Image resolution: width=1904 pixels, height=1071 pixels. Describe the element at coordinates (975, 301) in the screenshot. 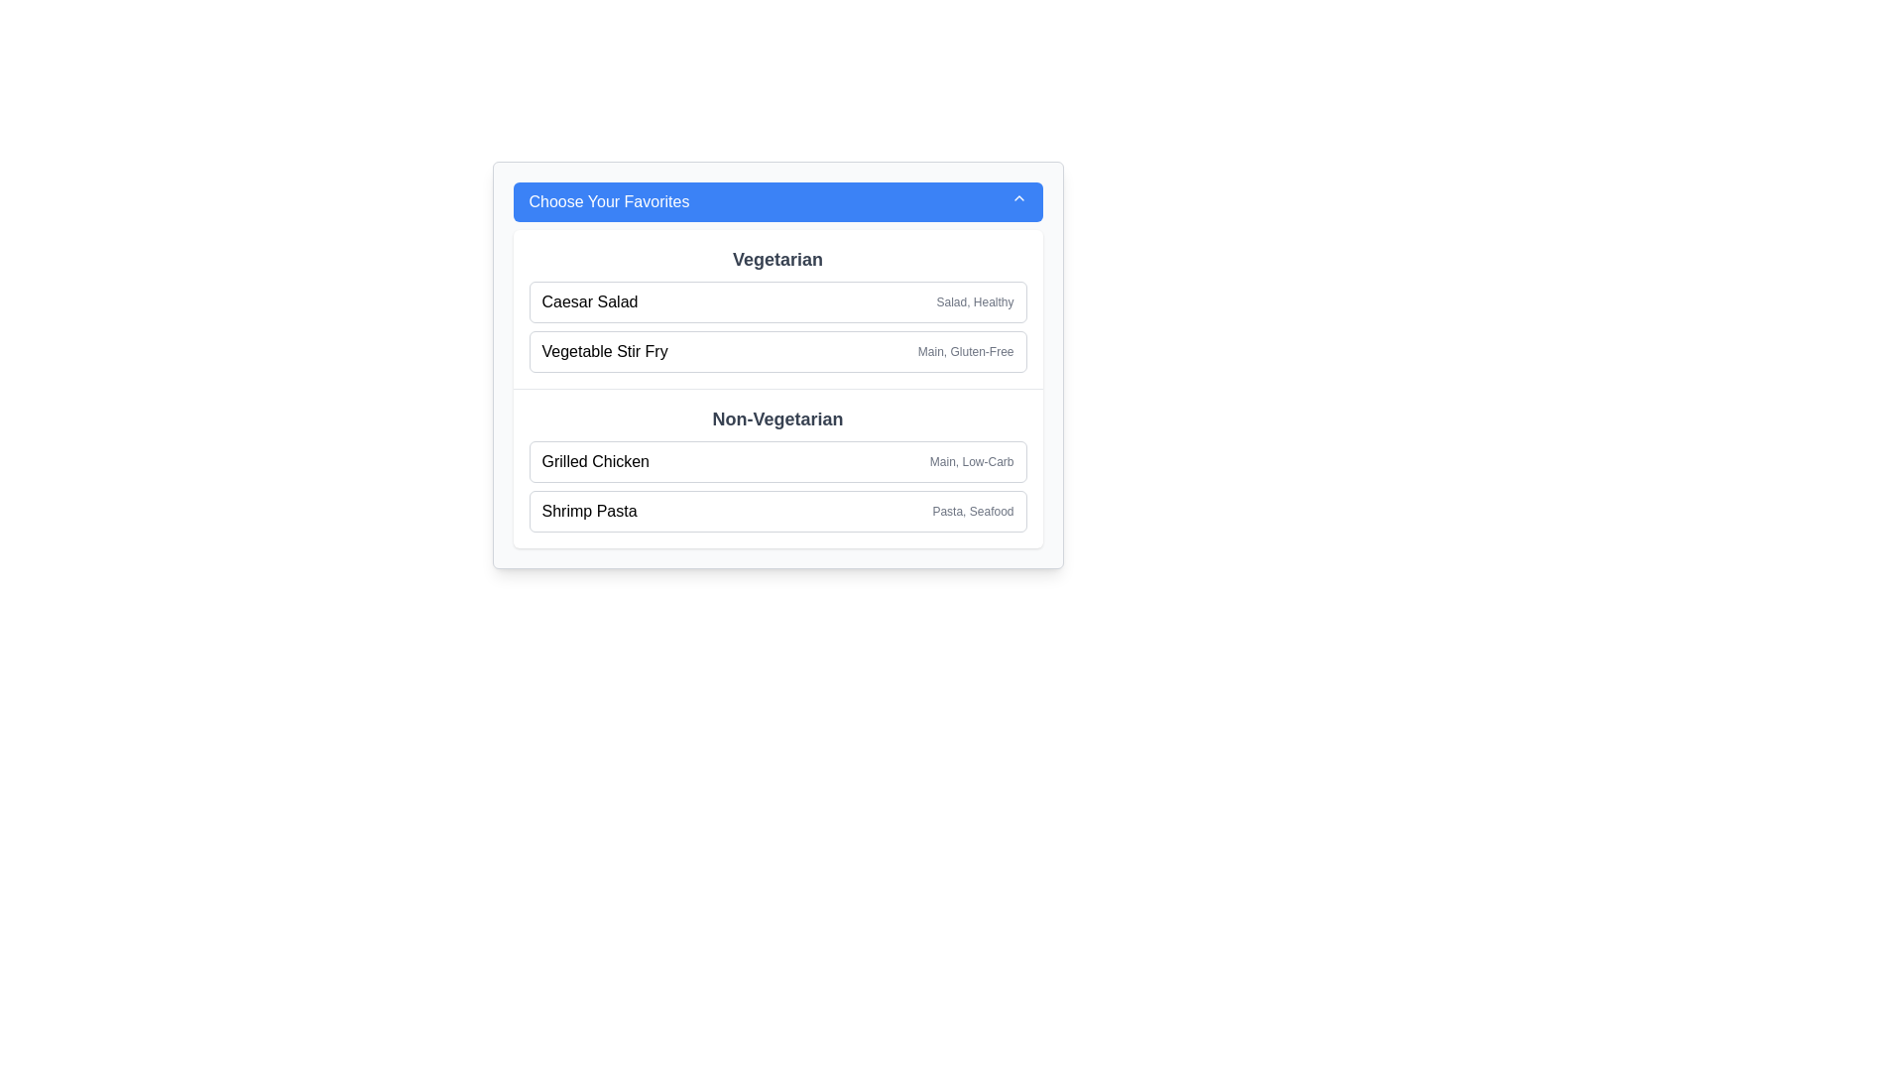

I see `the text label that says 'Salad, Healthy', which is styled in a small font size and gray color, located to the right of 'Caesar Salad' in the Vegetarian section card` at that location.